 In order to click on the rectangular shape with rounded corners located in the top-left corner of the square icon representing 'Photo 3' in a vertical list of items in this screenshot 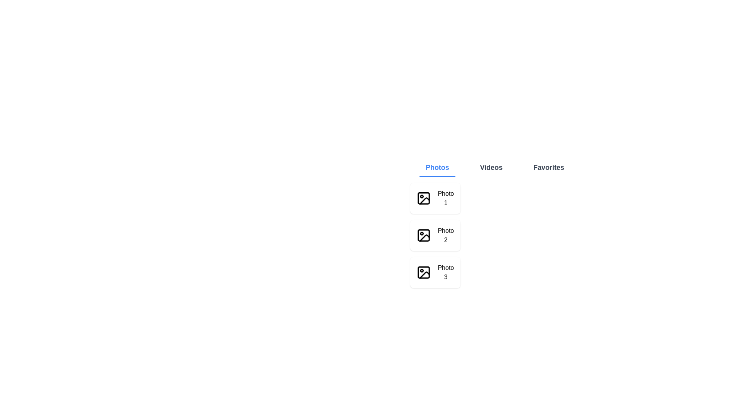, I will do `click(423, 272)`.